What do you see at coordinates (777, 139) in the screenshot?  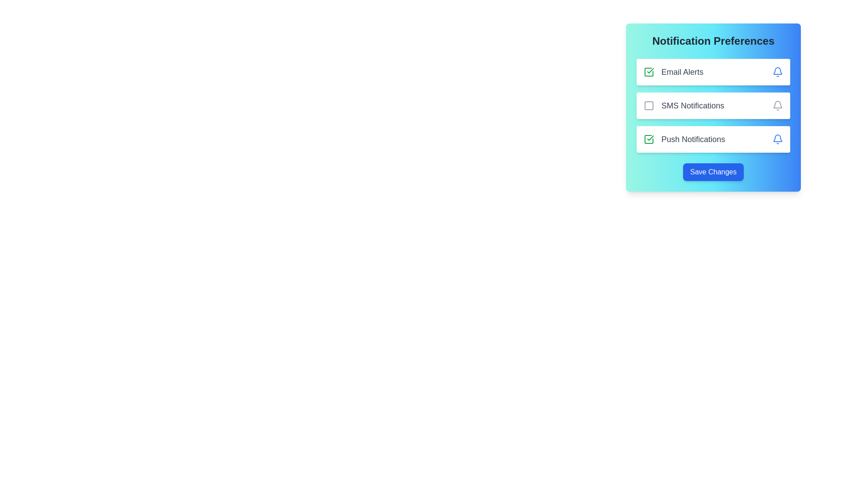 I see `the blue bell icon located on the rightmost side of the 'Push Notifications' section` at bounding box center [777, 139].